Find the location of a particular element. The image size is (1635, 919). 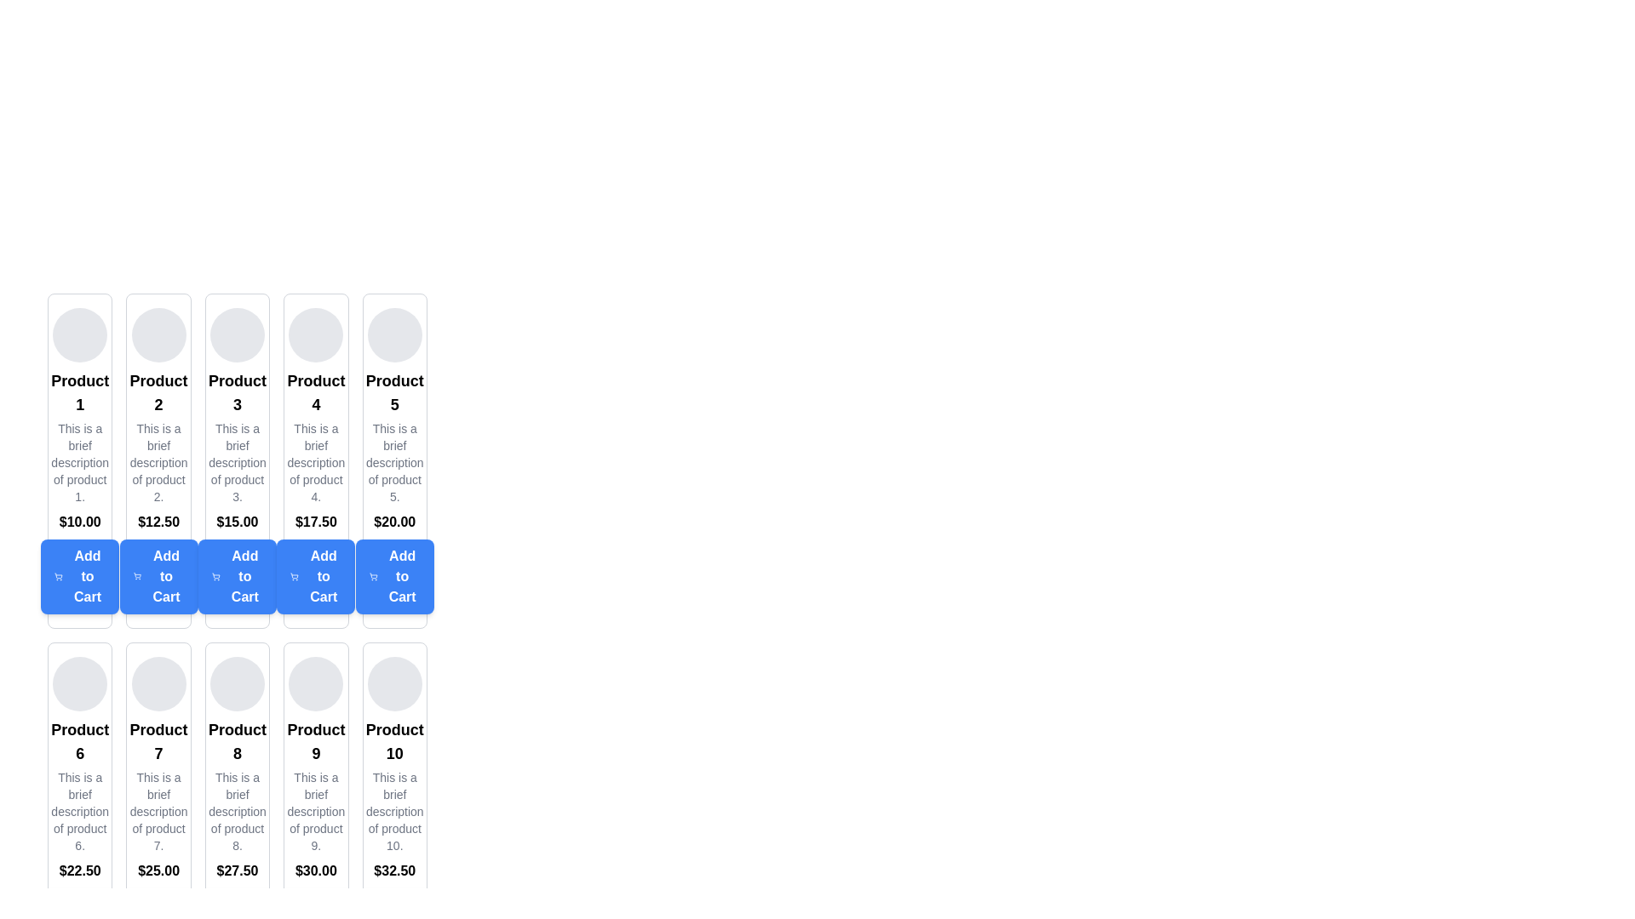

the price text label displaying '$32.50' located in the last product card below 'Product 10' description and above the 'Add to Cart' button is located at coordinates (393, 870).